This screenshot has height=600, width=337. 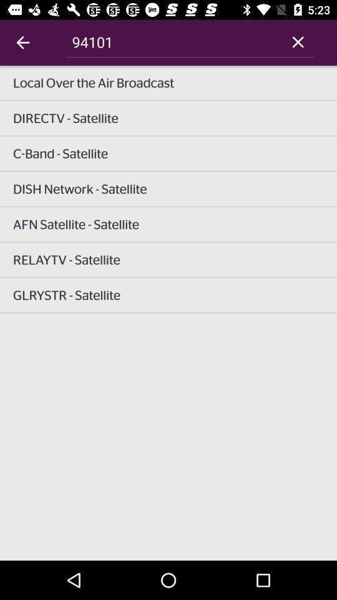 What do you see at coordinates (173, 42) in the screenshot?
I see `item above local over the` at bounding box center [173, 42].